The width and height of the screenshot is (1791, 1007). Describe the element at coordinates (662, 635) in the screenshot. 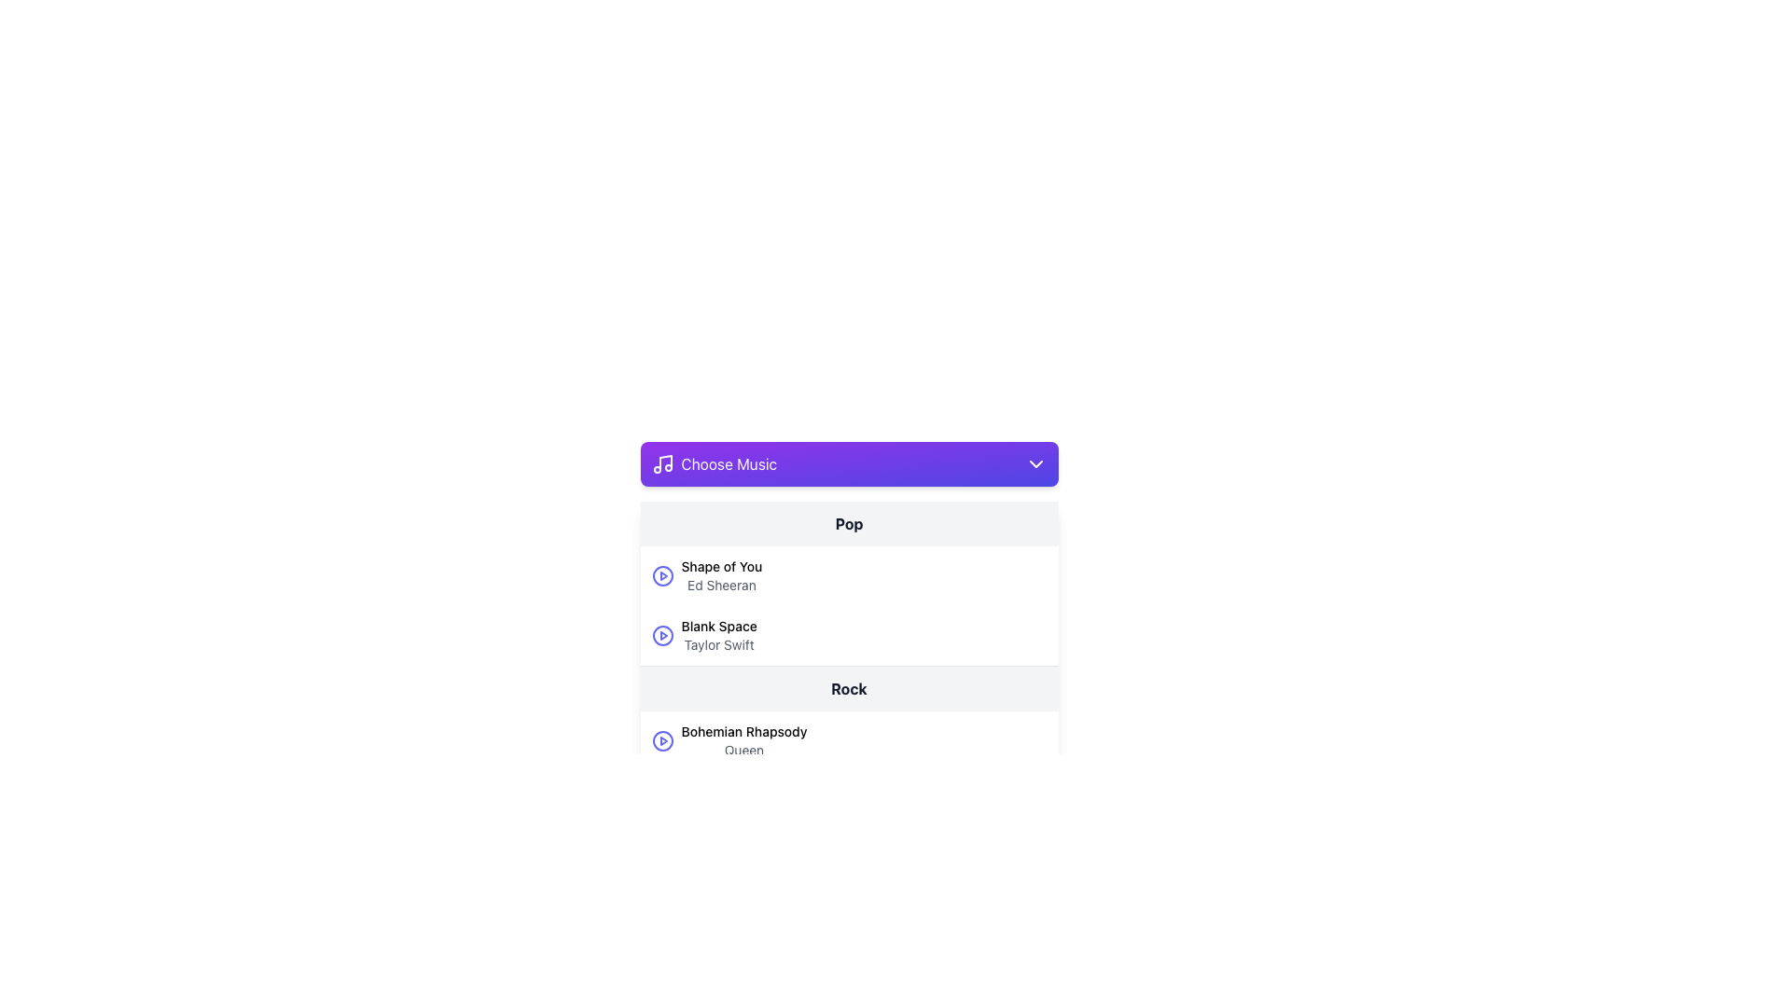

I see `the play button for the song 'Blank Space Taylor Swift' to indicate interactivity` at that location.